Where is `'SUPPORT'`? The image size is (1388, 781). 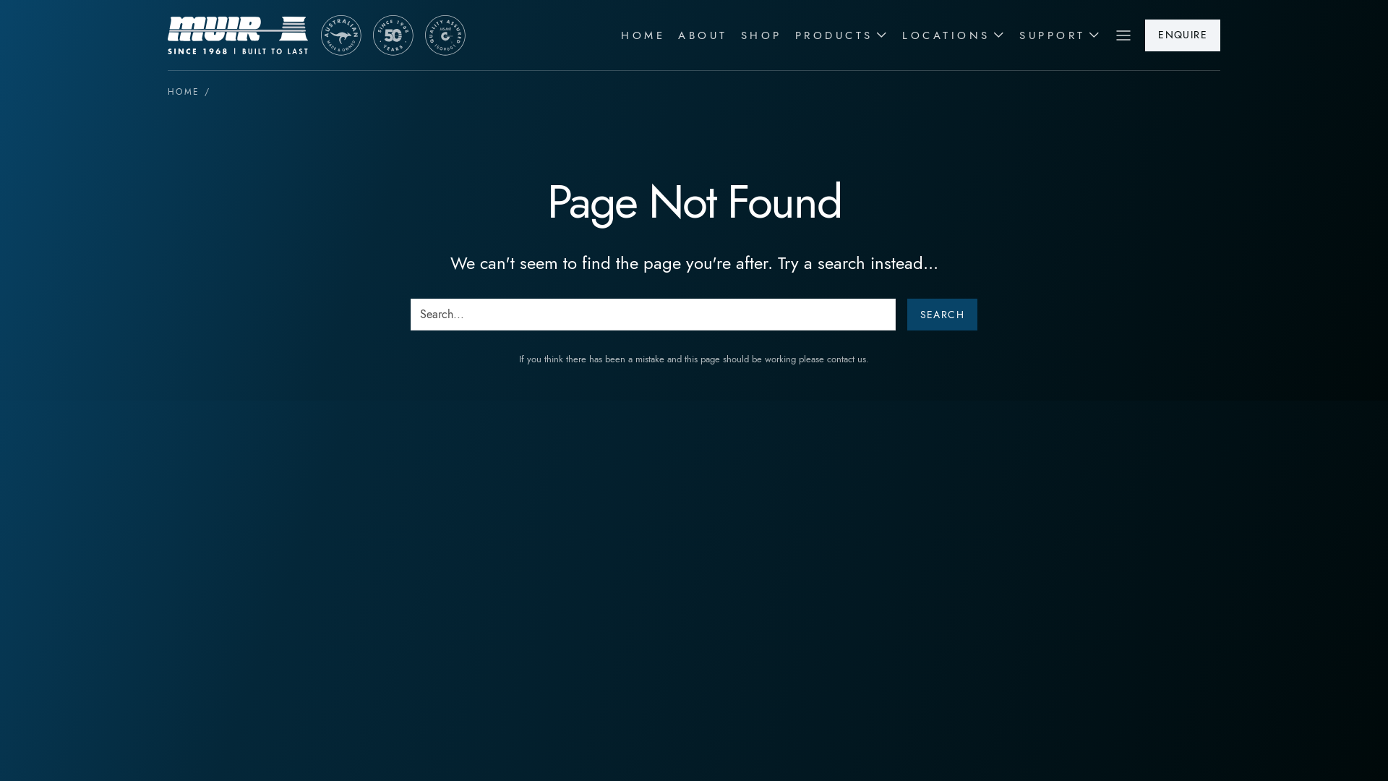 'SUPPORT' is located at coordinates (1052, 35).